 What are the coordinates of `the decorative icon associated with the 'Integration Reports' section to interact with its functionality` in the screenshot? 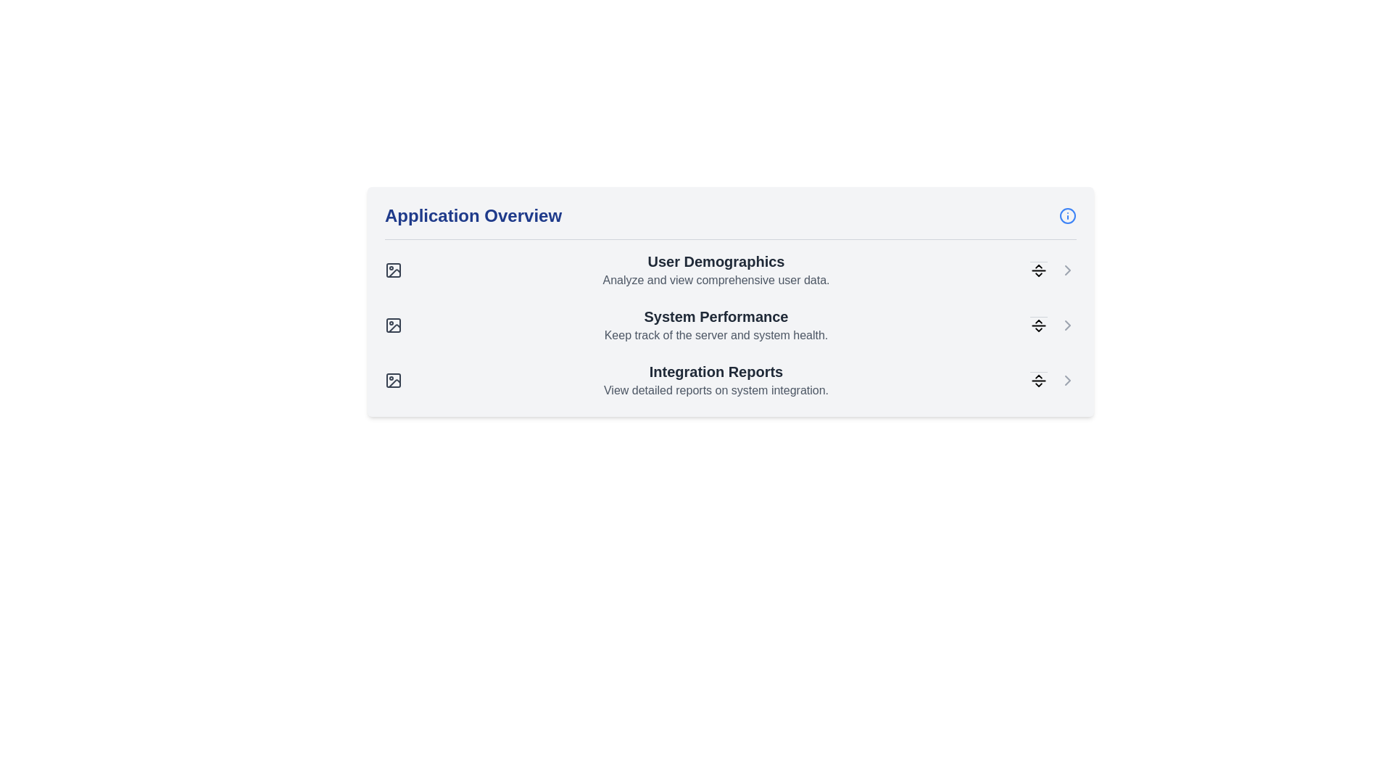 It's located at (394, 383).